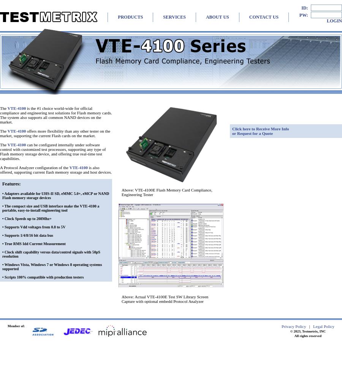  I want to click on 'Clock shift capability versus data/control signals with 50pS resolution', so click(51, 254).